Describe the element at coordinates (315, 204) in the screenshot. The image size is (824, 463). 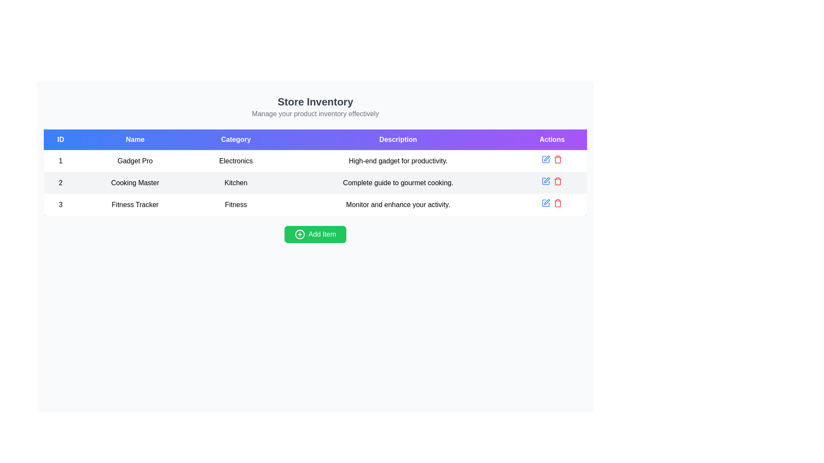
I see `the third row in the table which contains the identifier '3', name 'Fitness Tracker', category 'Fitness', and description 'Monitor and enhance your activity.' for visual feedback` at that location.